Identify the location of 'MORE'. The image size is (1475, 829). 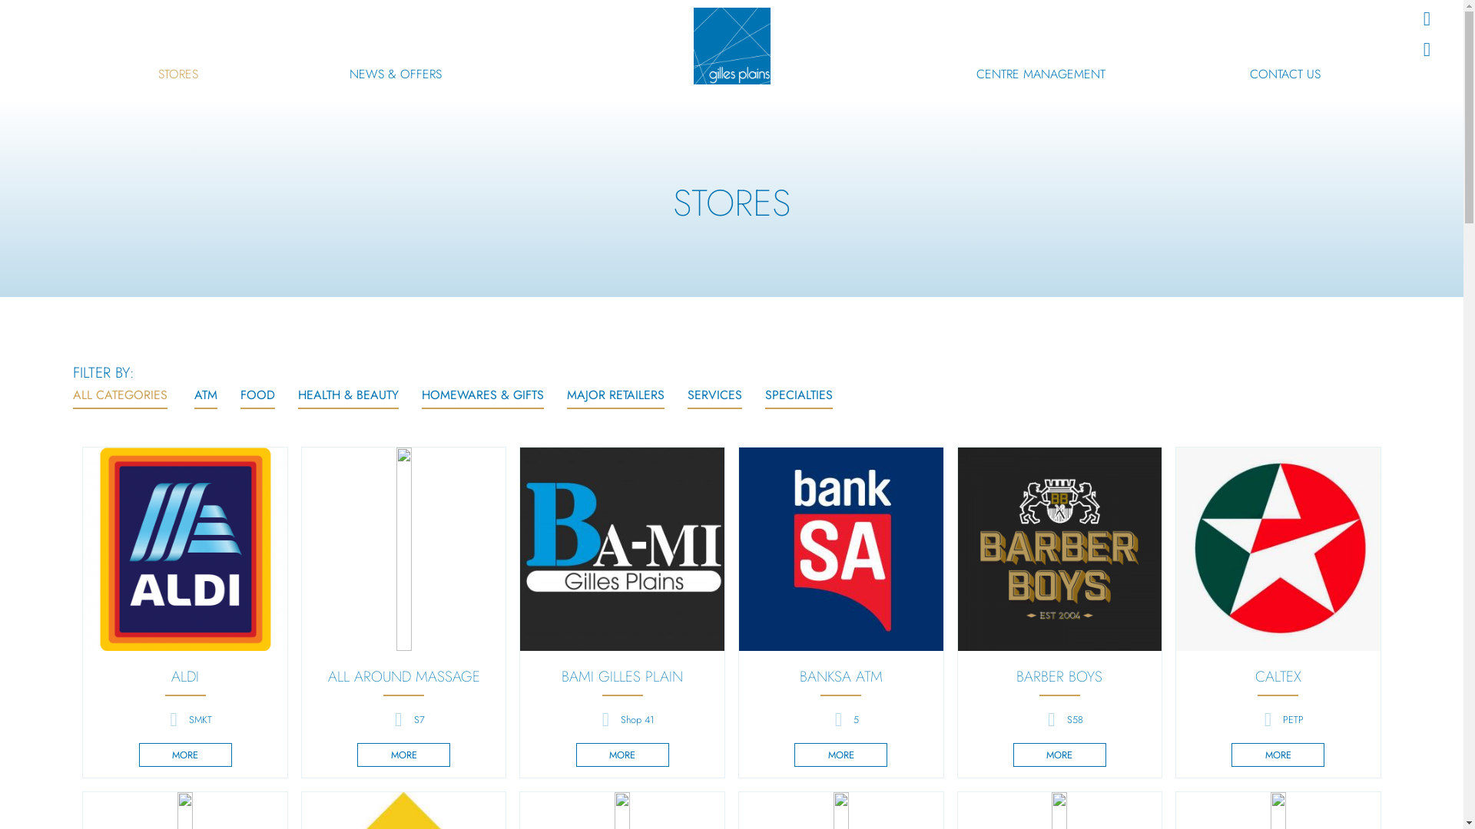
(184, 754).